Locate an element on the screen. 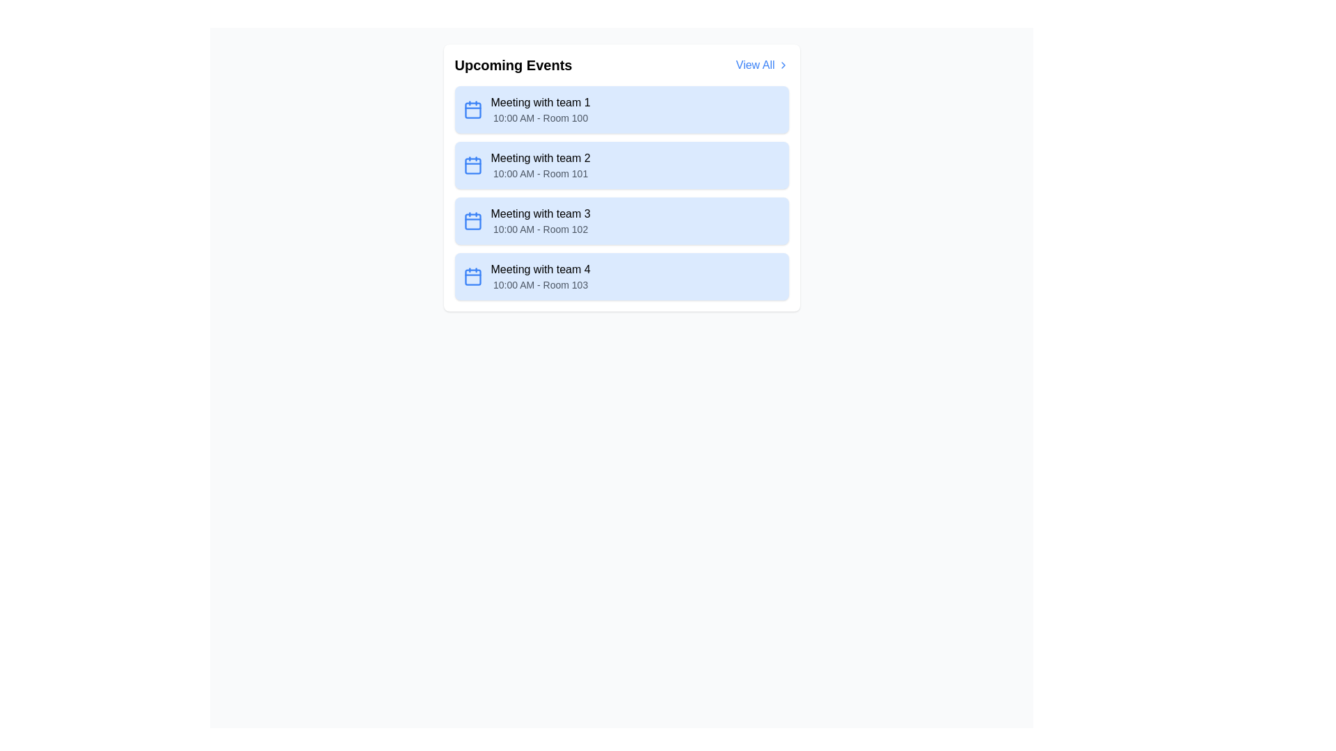  the vector graphic icon representing the date aspect of the event 'Meeting with team 1' in the 'Upcoming Events' list is located at coordinates (472, 109).